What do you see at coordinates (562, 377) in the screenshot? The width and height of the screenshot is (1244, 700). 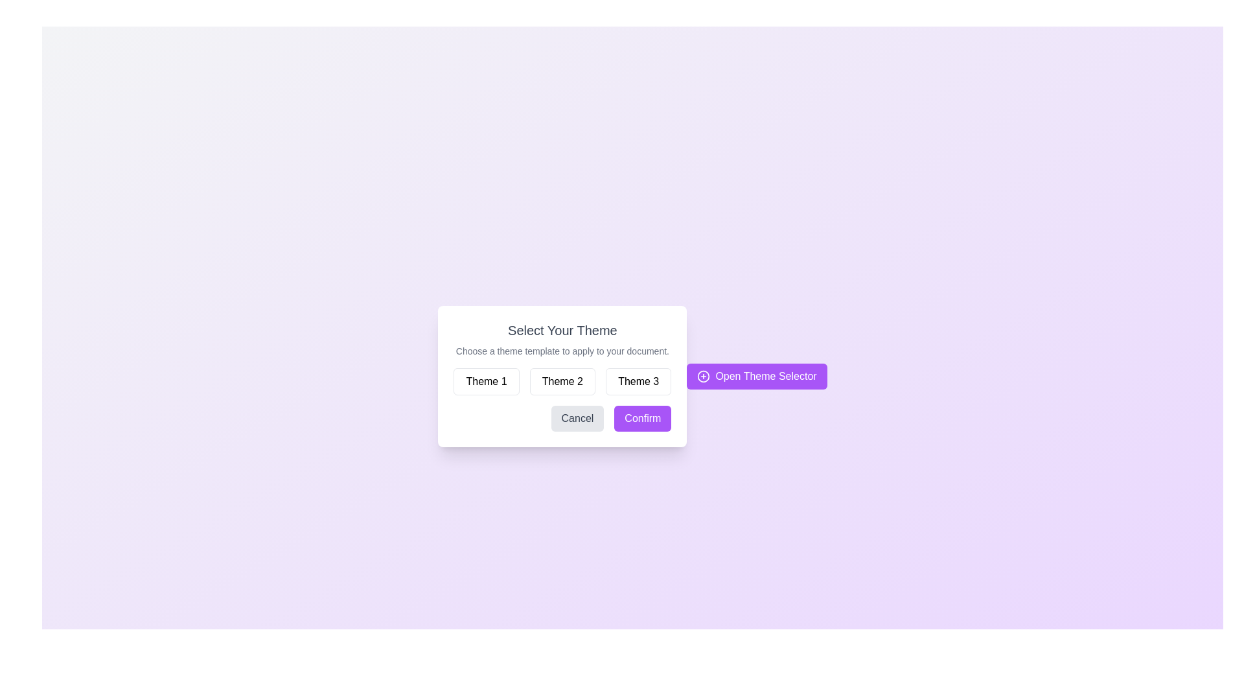 I see `the 'Theme 2' button` at bounding box center [562, 377].